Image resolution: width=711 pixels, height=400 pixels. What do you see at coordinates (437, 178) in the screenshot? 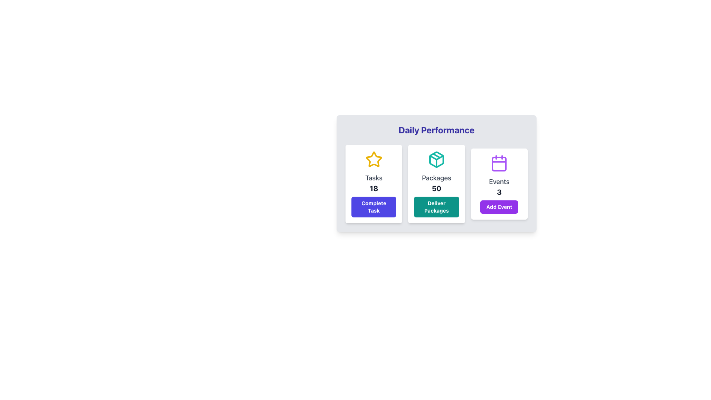
I see `the text label that identifies the section as related to packages, located in the second card of the 'Daily Performance' section, between the package box icon and the number '50'` at bounding box center [437, 178].